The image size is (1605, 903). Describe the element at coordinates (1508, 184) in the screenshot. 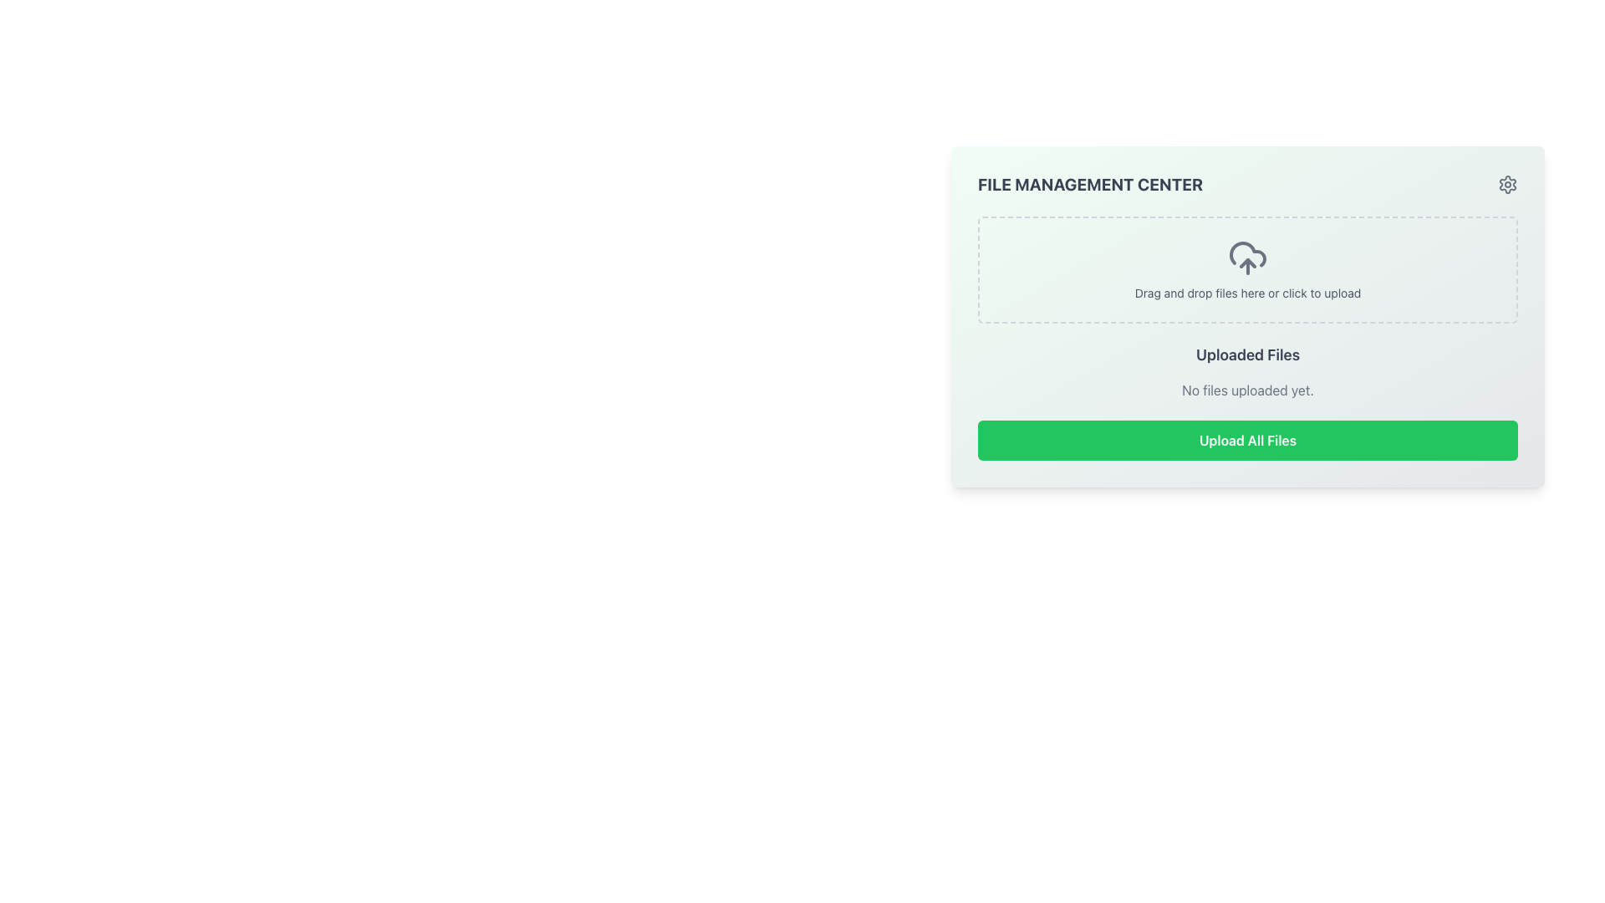

I see `the gear icon located at the far right of the header section in the 'File Management Center'` at that location.